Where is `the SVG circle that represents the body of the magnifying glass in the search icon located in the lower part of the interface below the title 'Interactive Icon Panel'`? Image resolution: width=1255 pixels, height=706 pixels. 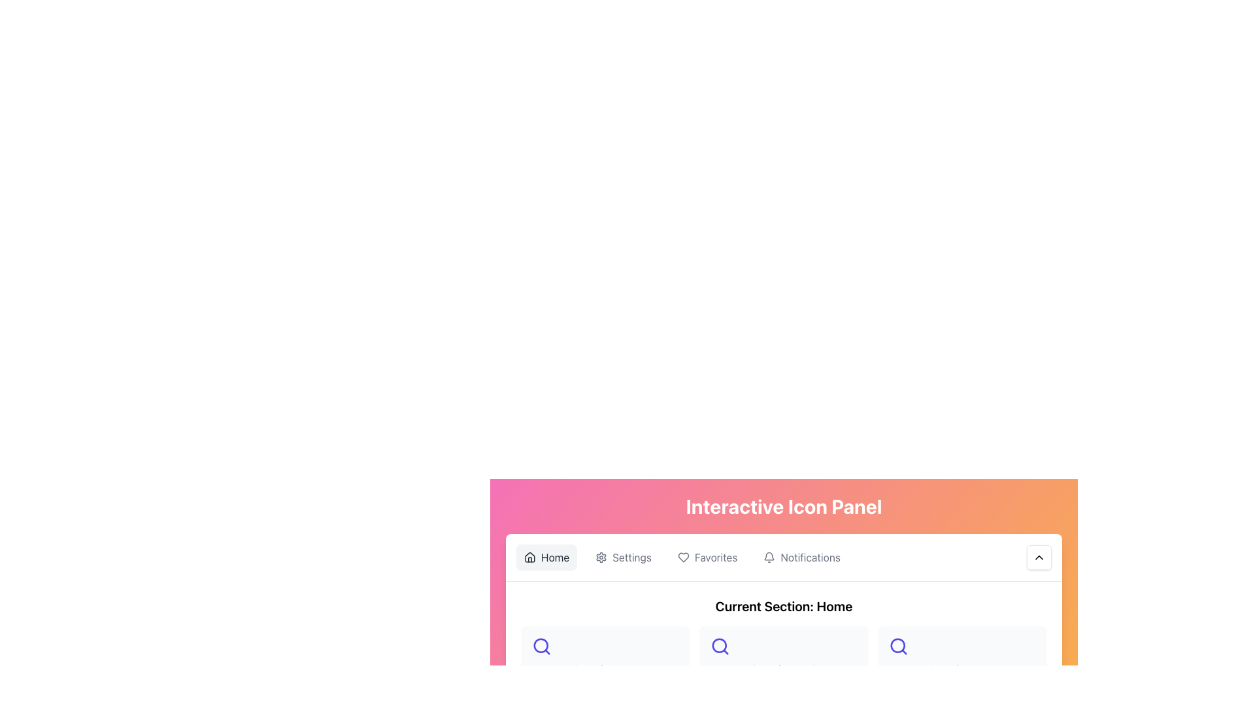
the SVG circle that represents the body of the magnifying glass in the search icon located in the lower part of the interface below the title 'Interactive Icon Panel' is located at coordinates (718, 645).